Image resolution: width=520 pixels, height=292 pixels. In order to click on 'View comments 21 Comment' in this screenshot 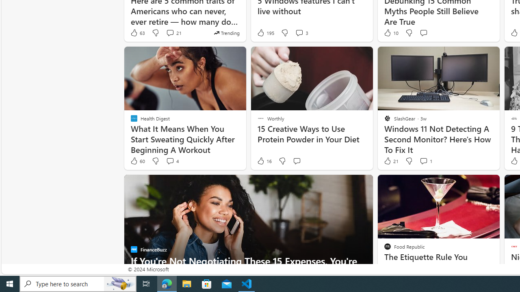, I will do `click(169, 32)`.